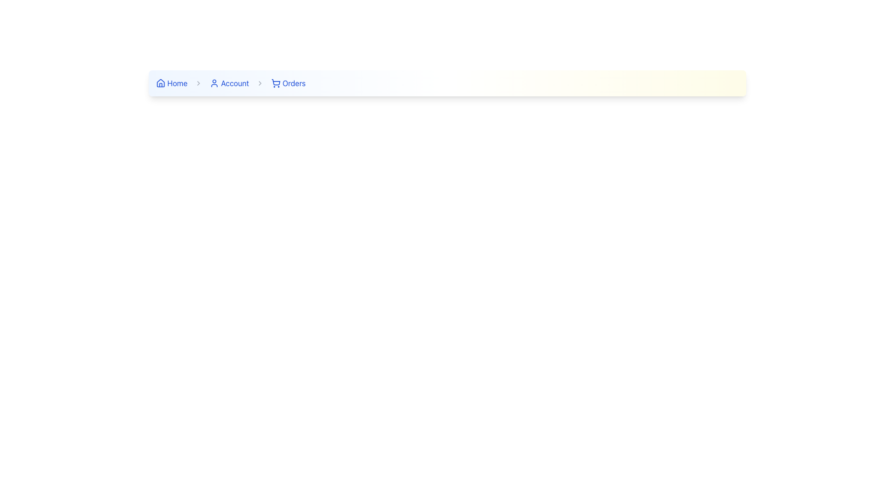 The image size is (895, 503). Describe the element at coordinates (161, 82) in the screenshot. I see `the house icon located to the left of the 'Home' breadcrumb link` at that location.